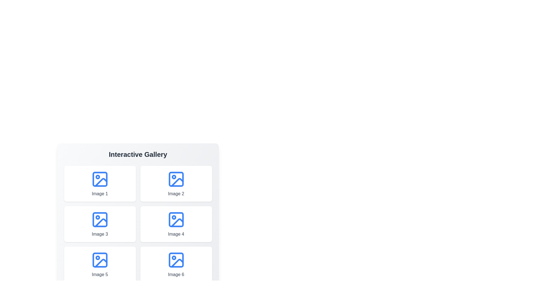  Describe the element at coordinates (176, 224) in the screenshot. I see `the image titled 'Image 4' to see its hover effect` at that location.